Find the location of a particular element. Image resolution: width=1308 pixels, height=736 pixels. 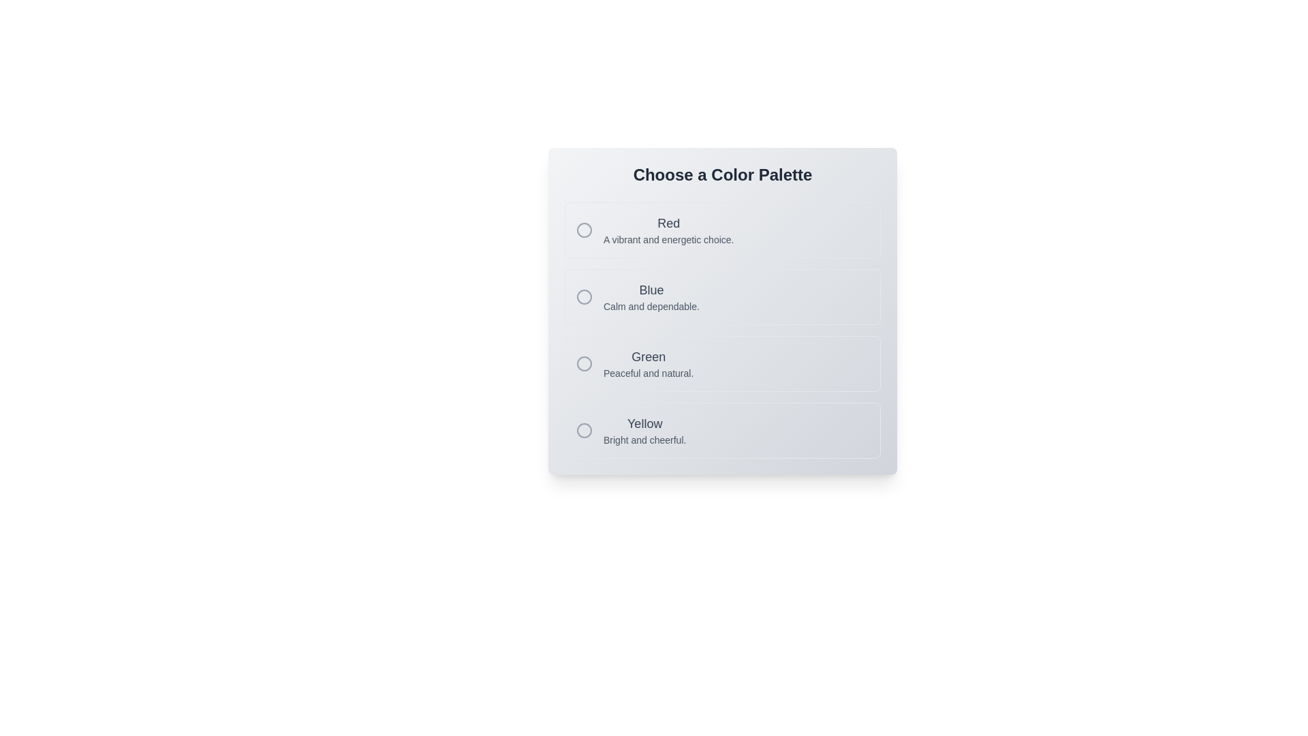

the 'Yellow' text label located under the 'Choose a Color Palette' section, which features a larger font for 'Yellow' and a smaller subtext 'Bright and cheerful.' is located at coordinates (644, 431).